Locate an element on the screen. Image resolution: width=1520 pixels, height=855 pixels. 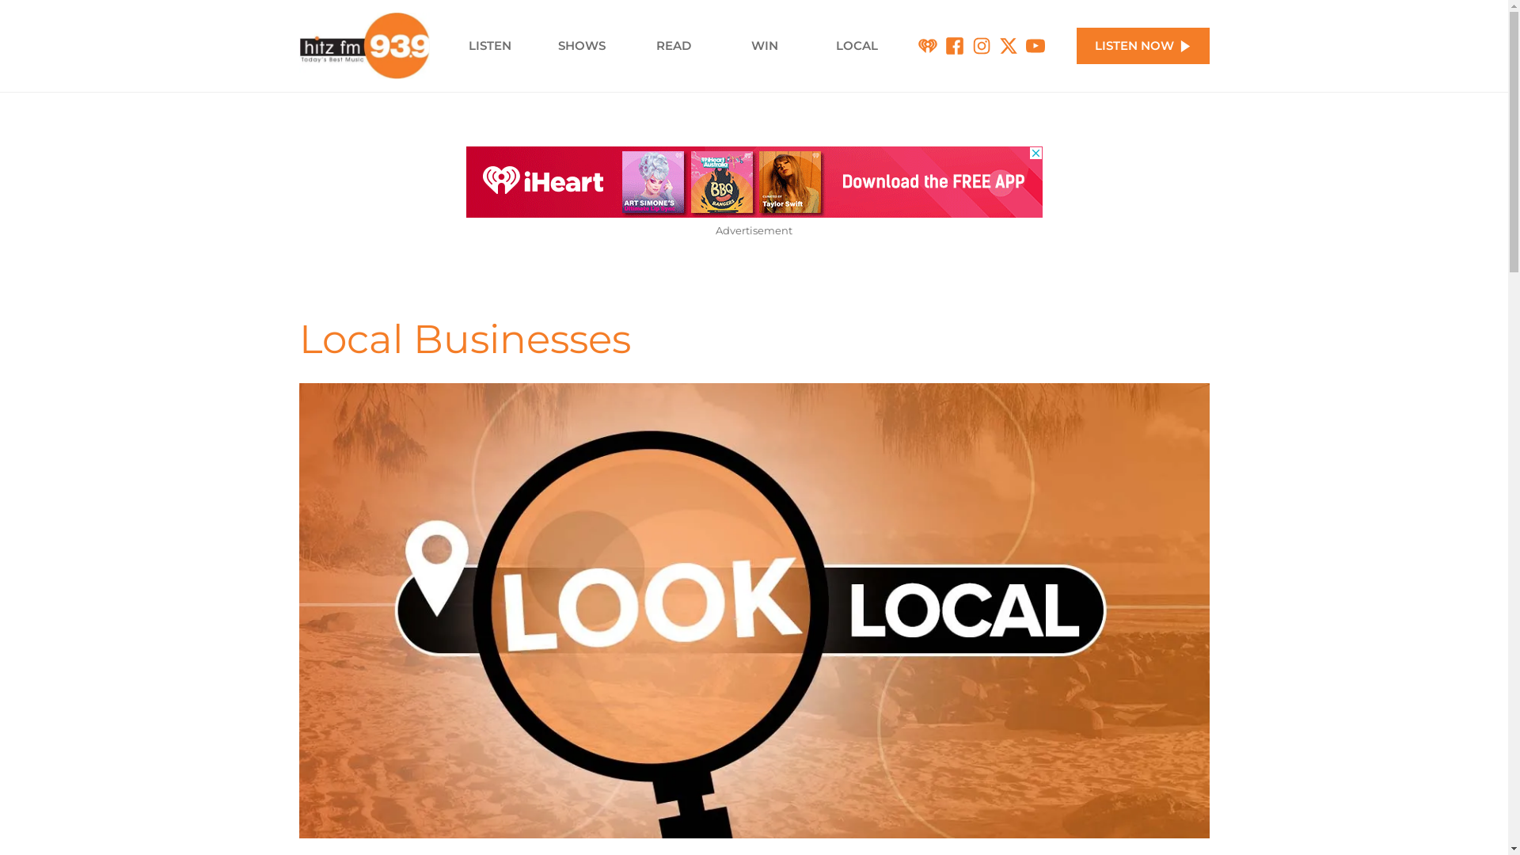
'SHOWS' is located at coordinates (580, 44).